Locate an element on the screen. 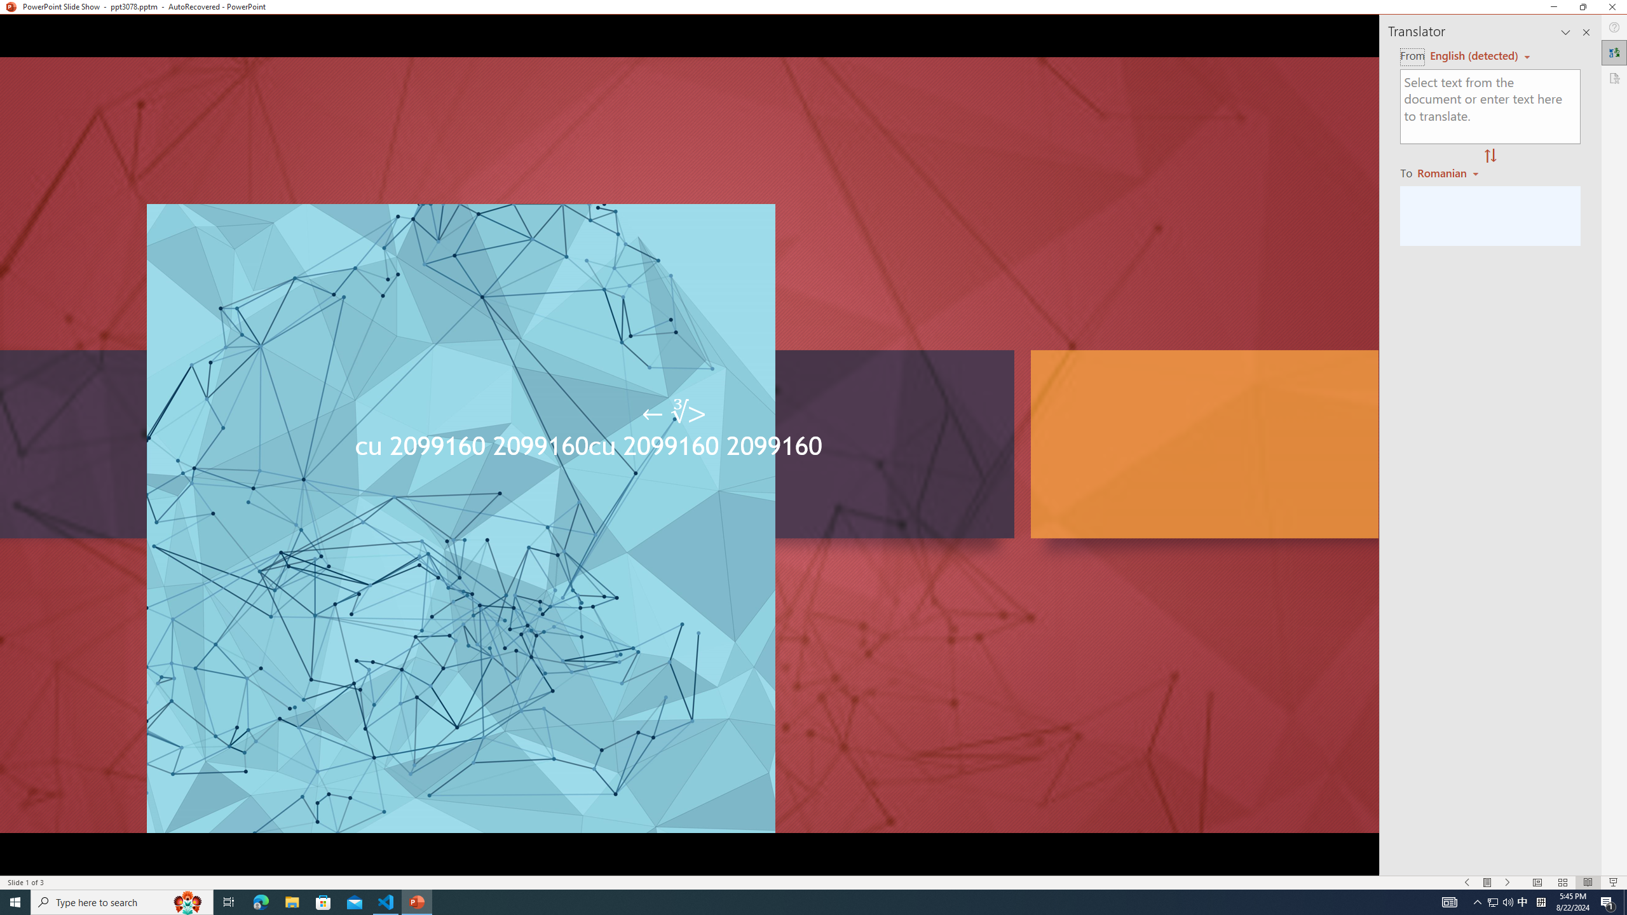 The image size is (1627, 915). 'Menu On' is located at coordinates (1487, 883).